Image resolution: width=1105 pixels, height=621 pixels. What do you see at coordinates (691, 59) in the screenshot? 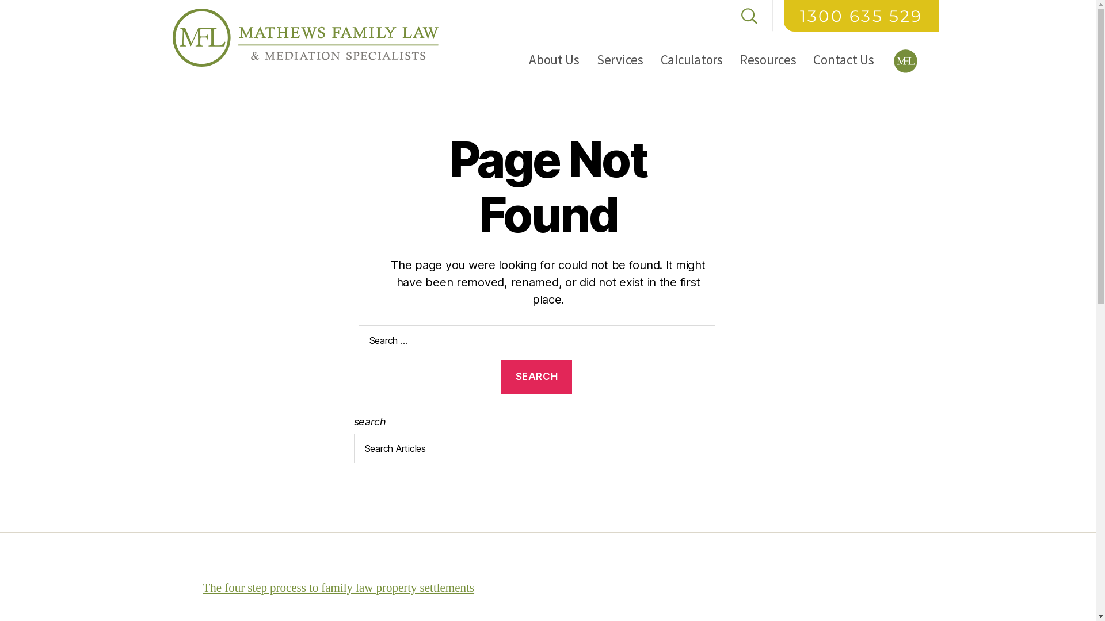
I see `'Calculators'` at bounding box center [691, 59].